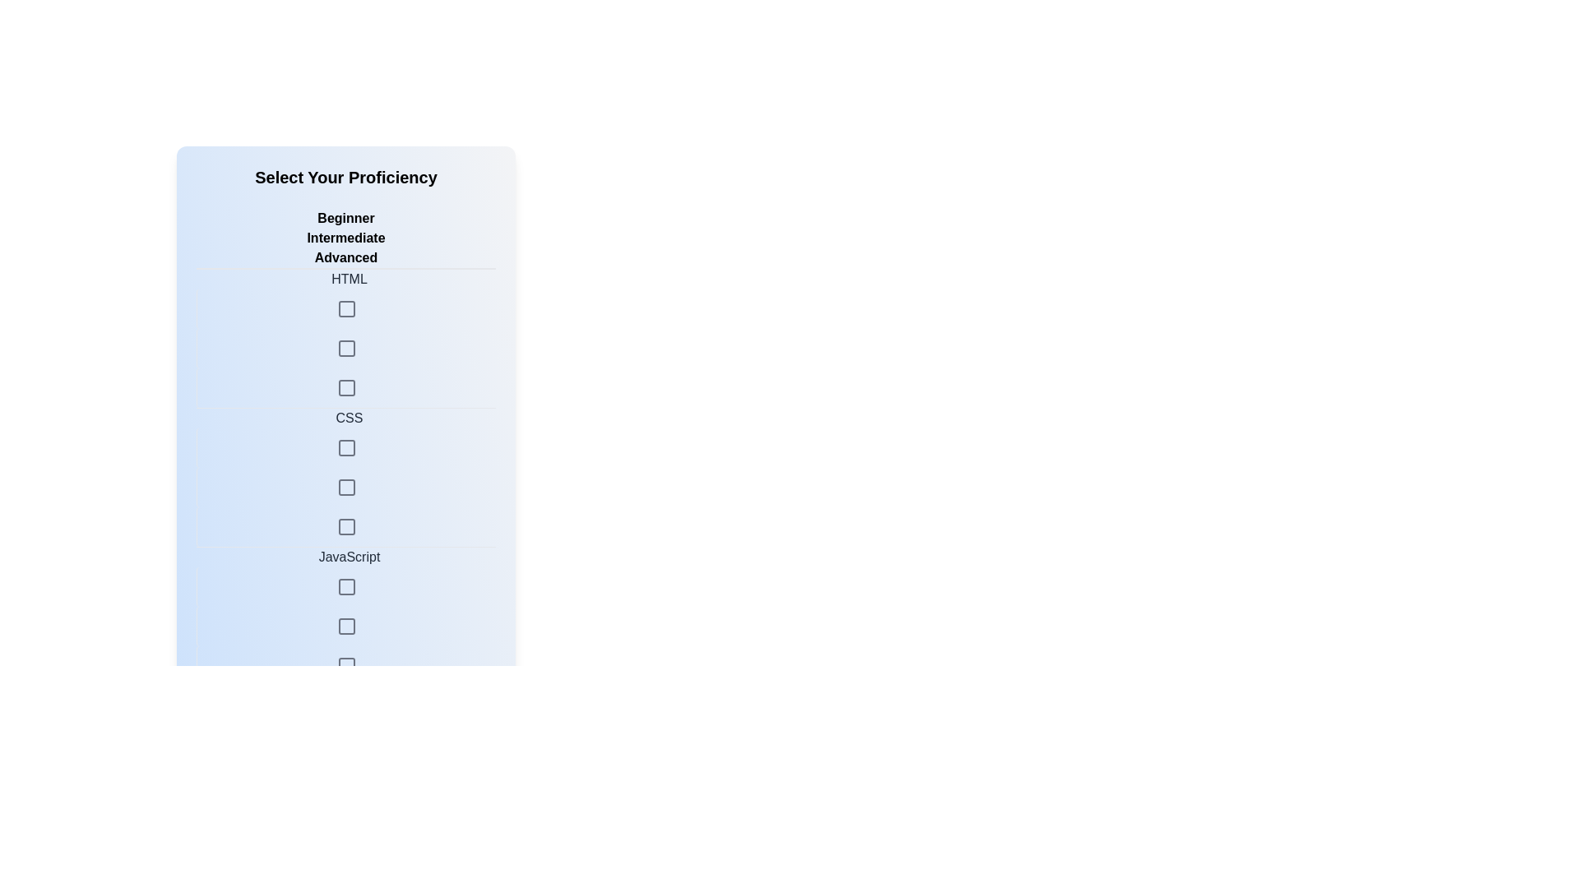 Image resolution: width=1579 pixels, height=888 pixels. Describe the element at coordinates (345, 308) in the screenshot. I see `the skill level Intermediate for the skill HTML` at that location.